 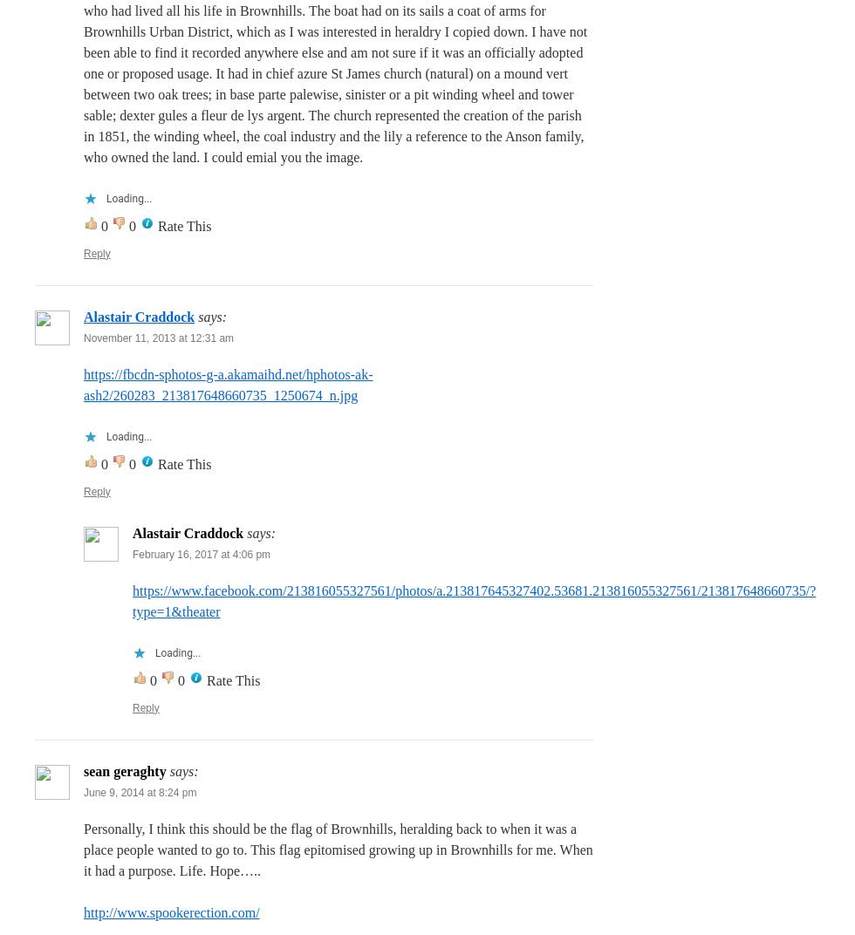 What do you see at coordinates (338, 848) in the screenshot?
I see `'Personally,  I think this should be the flag of Brownhills, heralding back to when it was a place people wanted to go to. This flag epitomised growing up in Brownhills for me. When it had a purpose. Life. Hope…..'` at bounding box center [338, 848].